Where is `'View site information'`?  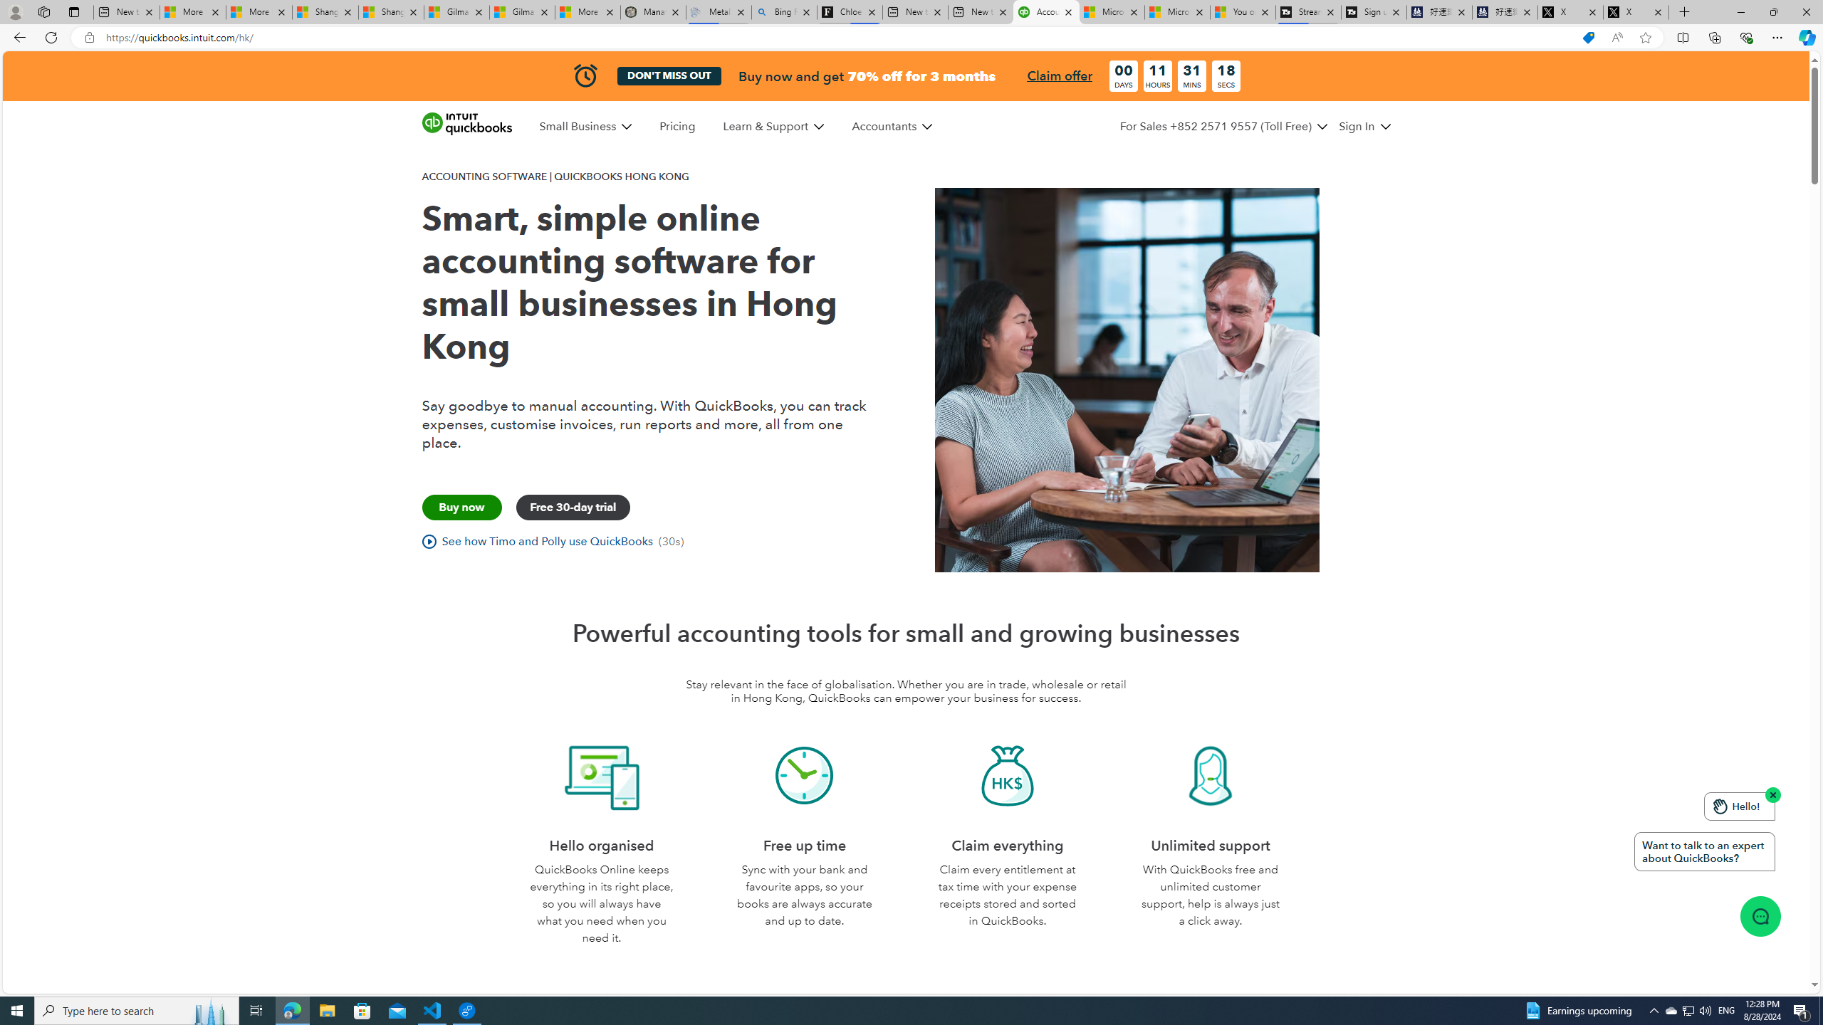
'View site information' is located at coordinates (89, 38).